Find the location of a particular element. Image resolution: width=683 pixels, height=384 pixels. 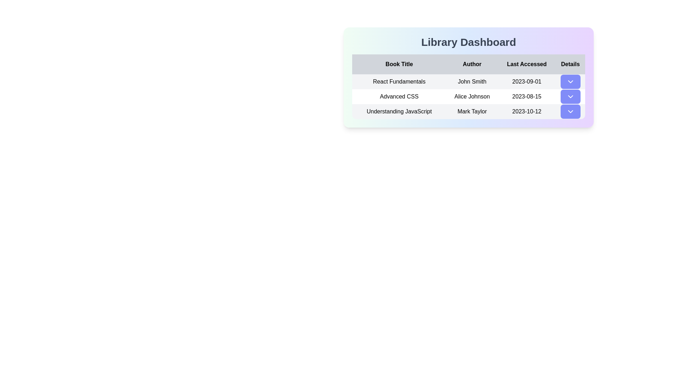

the informational display showing the last accessed date '2023-08-15' for the 'Advanced CSS' entry in the 'Last Accessed' column of the table is located at coordinates (527, 97).